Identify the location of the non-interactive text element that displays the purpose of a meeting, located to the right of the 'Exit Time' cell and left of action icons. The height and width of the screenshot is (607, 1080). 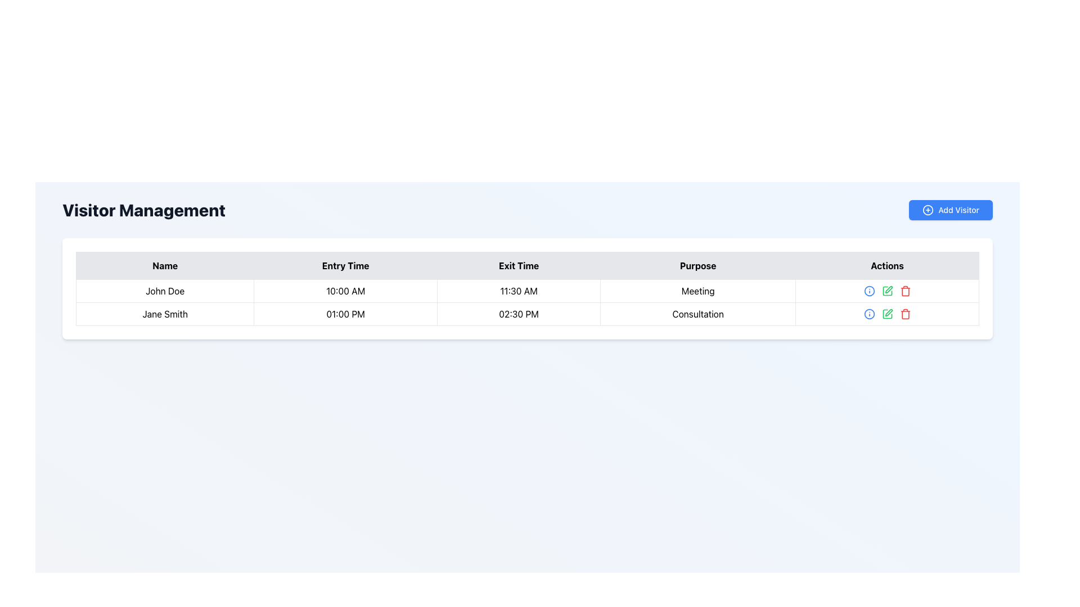
(697, 290).